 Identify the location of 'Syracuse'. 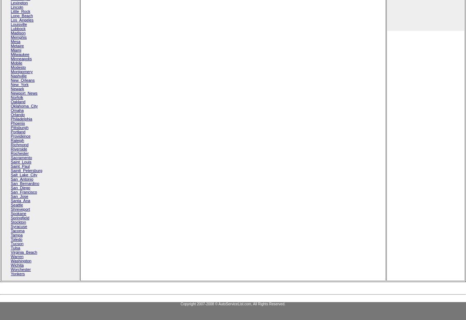
(10, 226).